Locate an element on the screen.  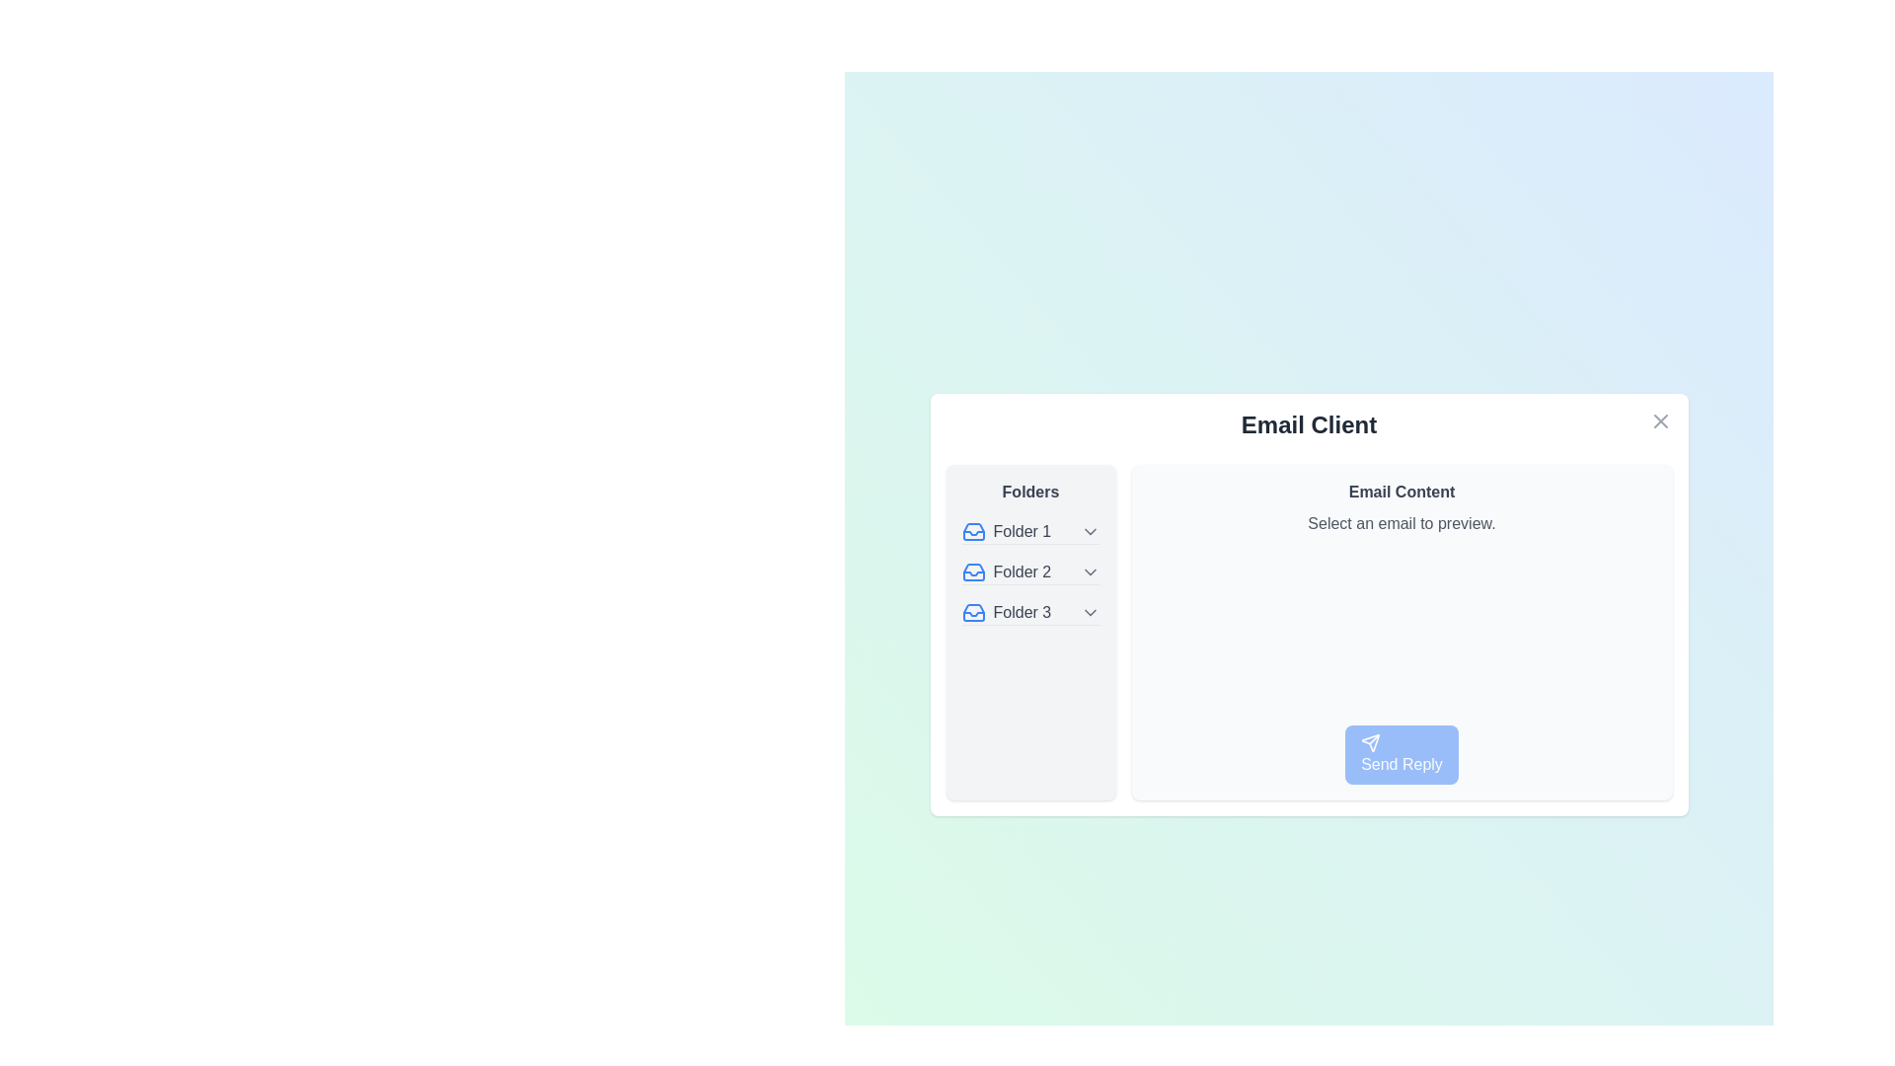
the graphical inbox icon located in the sidebar under the 'Folders' section, next to 'Folder 1' is located at coordinates (973, 531).